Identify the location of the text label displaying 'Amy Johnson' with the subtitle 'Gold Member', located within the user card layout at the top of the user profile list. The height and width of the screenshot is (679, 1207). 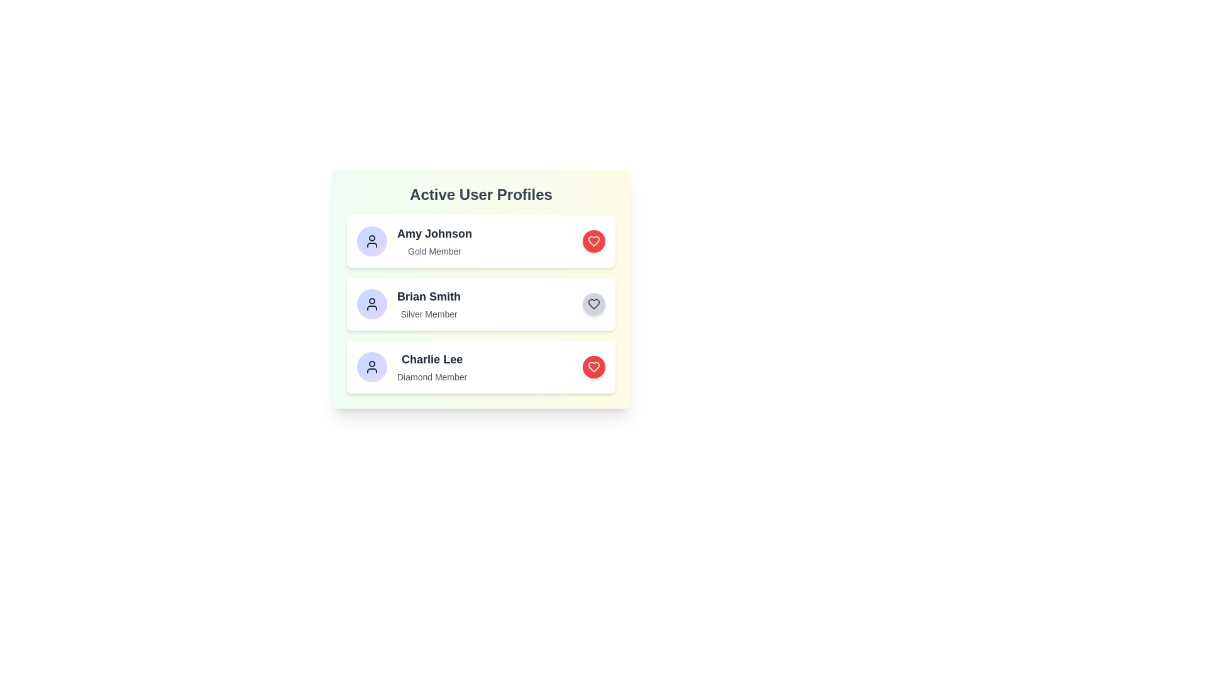
(434, 241).